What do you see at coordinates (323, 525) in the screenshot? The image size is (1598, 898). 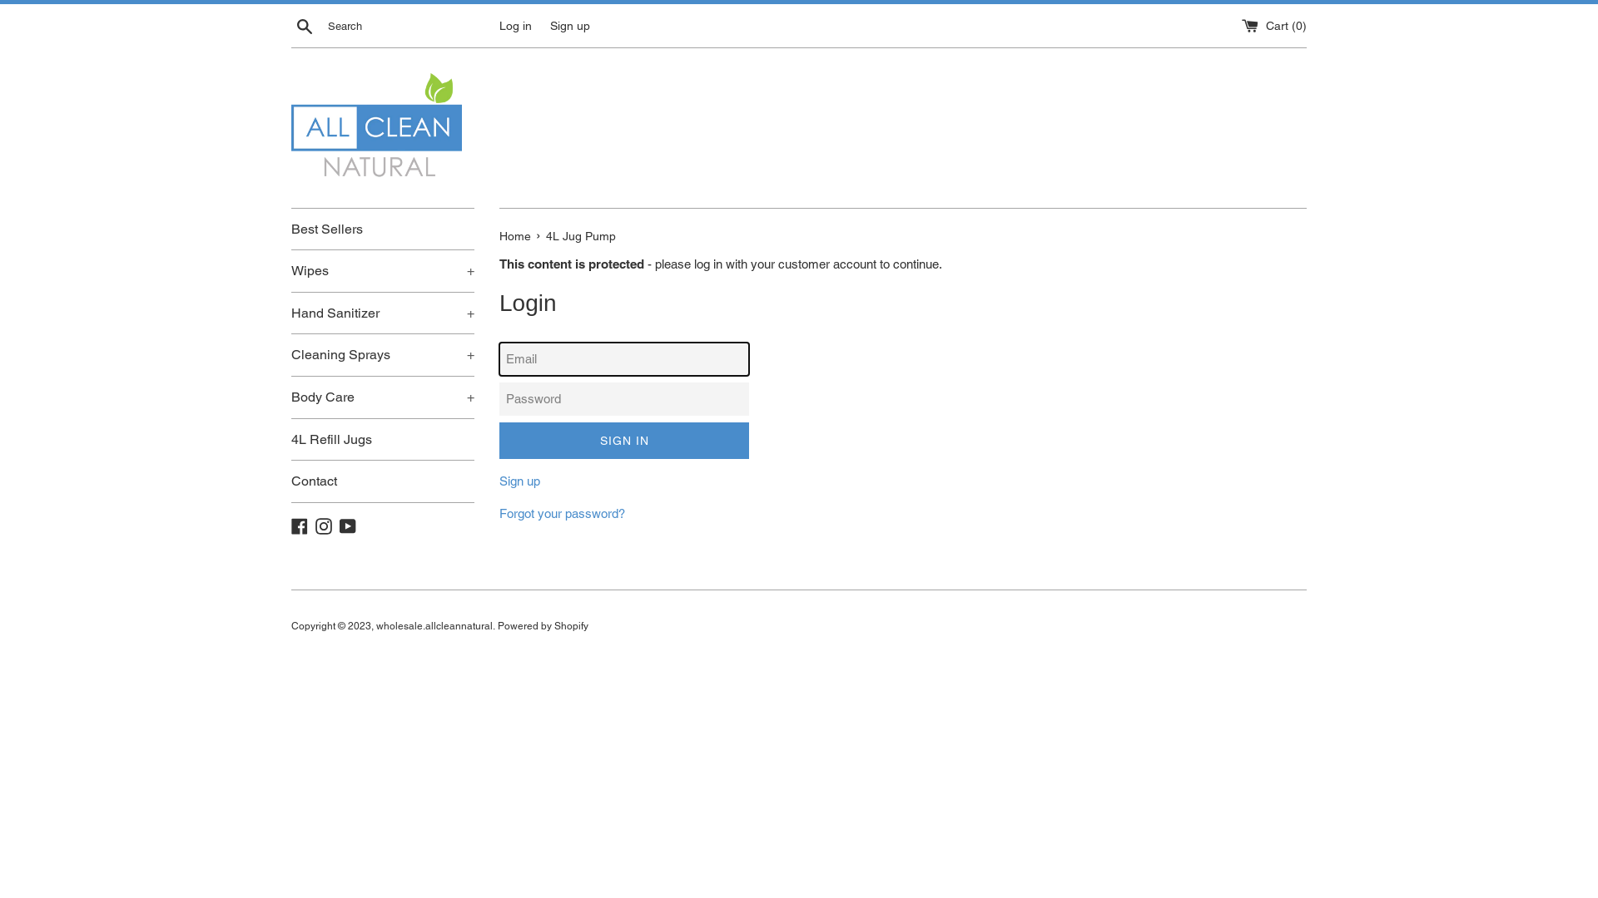 I see `'Instagram'` at bounding box center [323, 525].